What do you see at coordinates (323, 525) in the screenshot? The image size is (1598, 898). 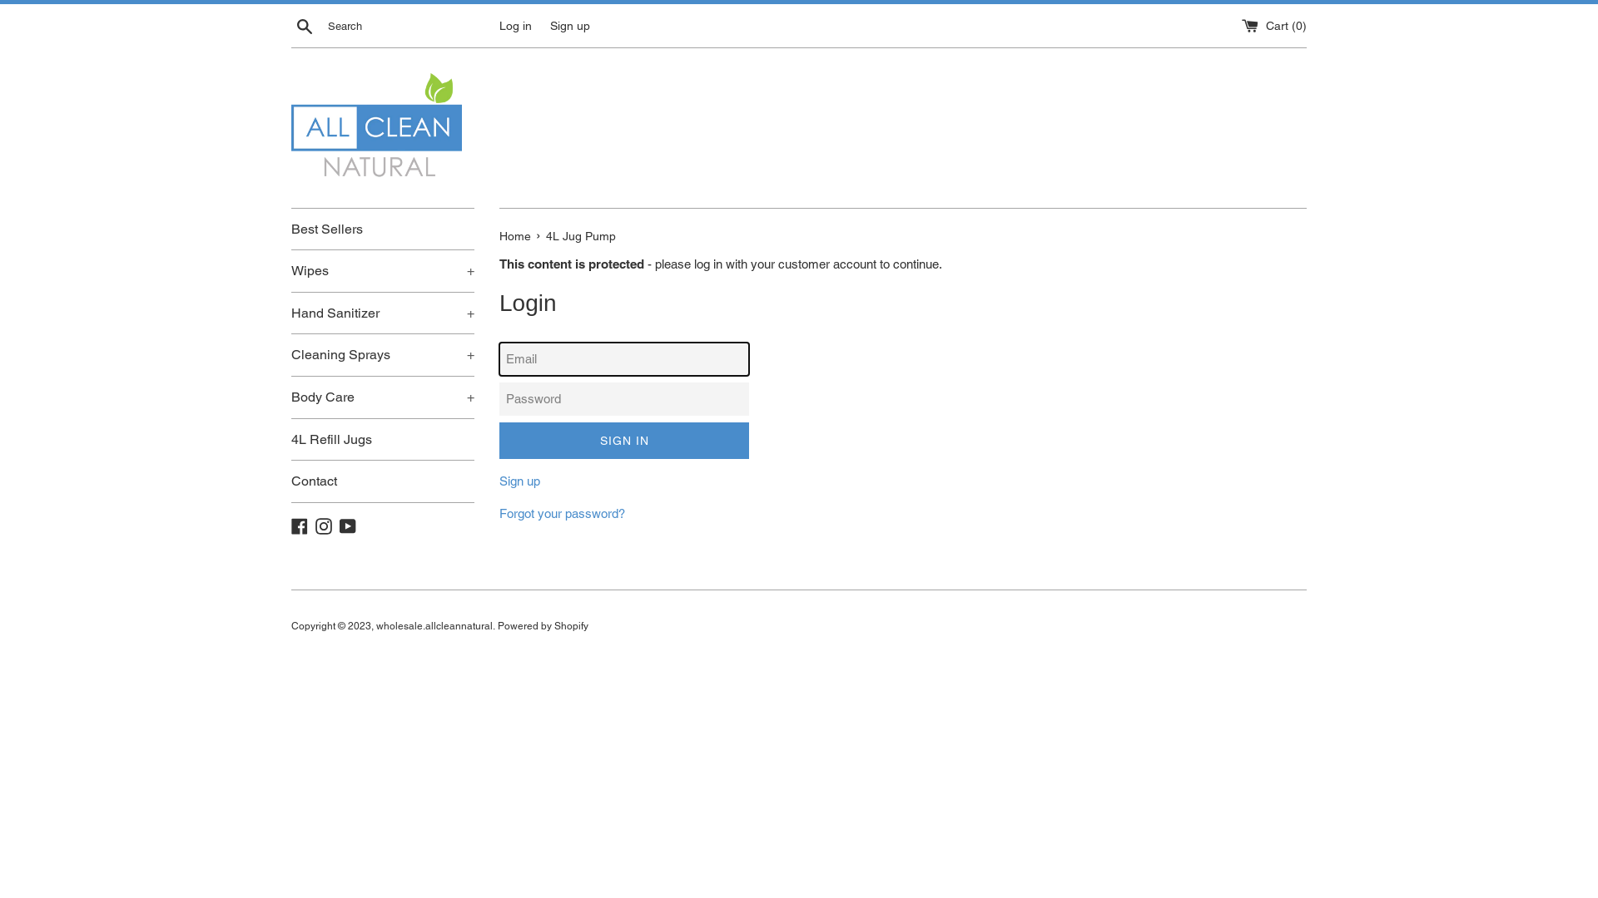 I see `'Instagram'` at bounding box center [323, 525].